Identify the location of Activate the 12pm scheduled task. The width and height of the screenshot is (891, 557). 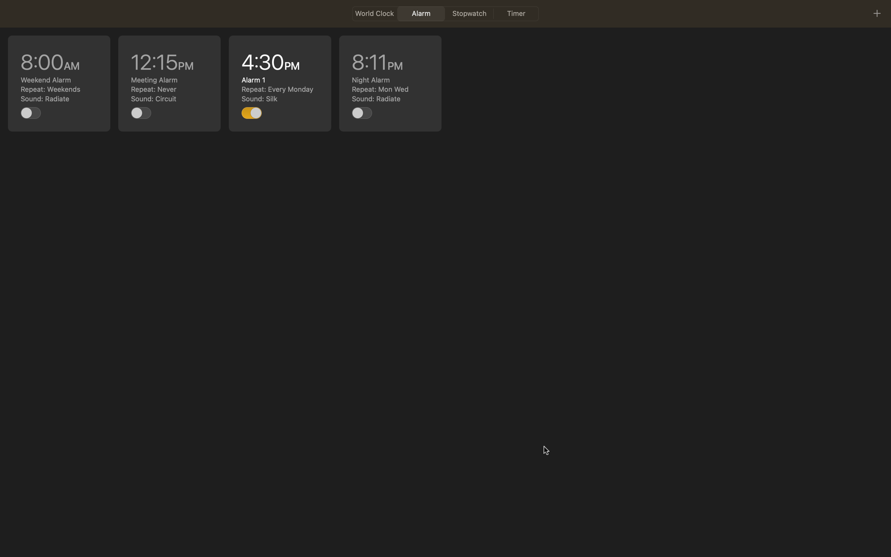
(141, 112).